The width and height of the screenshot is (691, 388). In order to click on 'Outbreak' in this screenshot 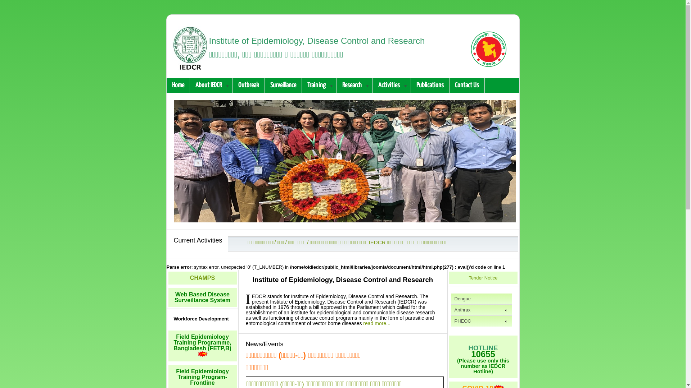, I will do `click(248, 85)`.